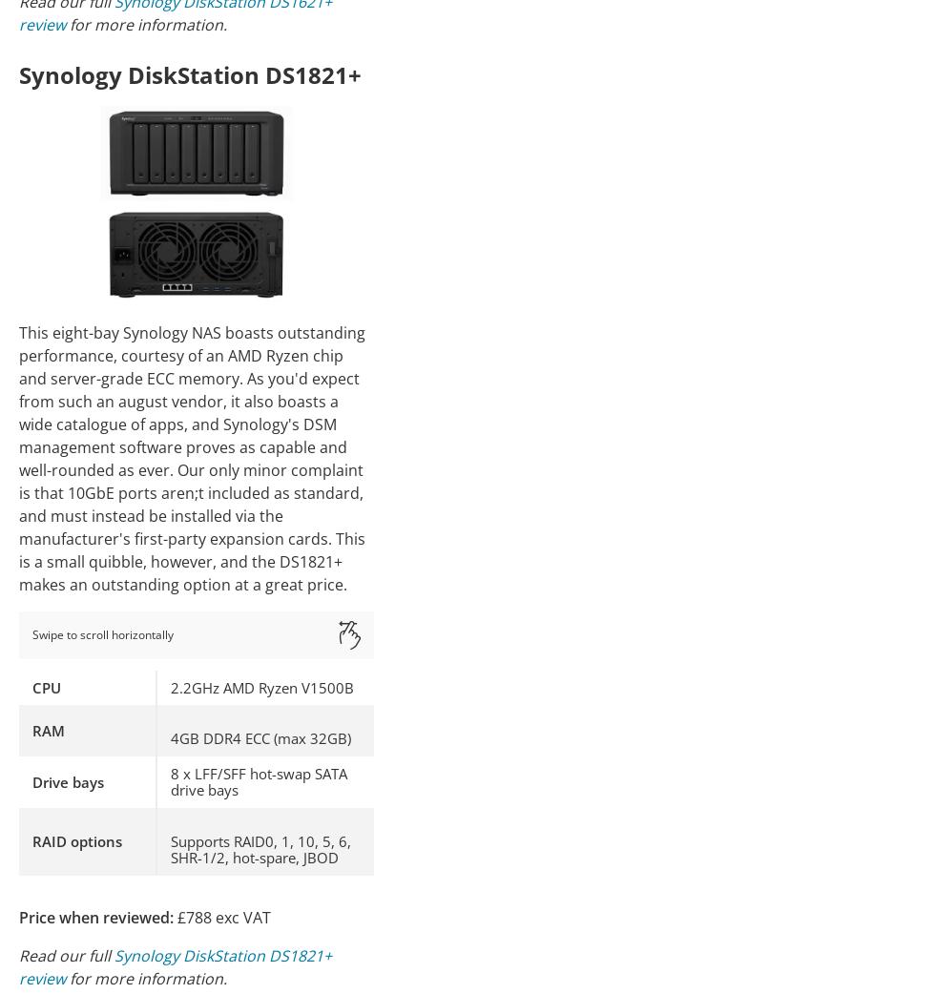 The image size is (935, 994). I want to click on 'Swipe to scroll horizontally', so click(102, 633).